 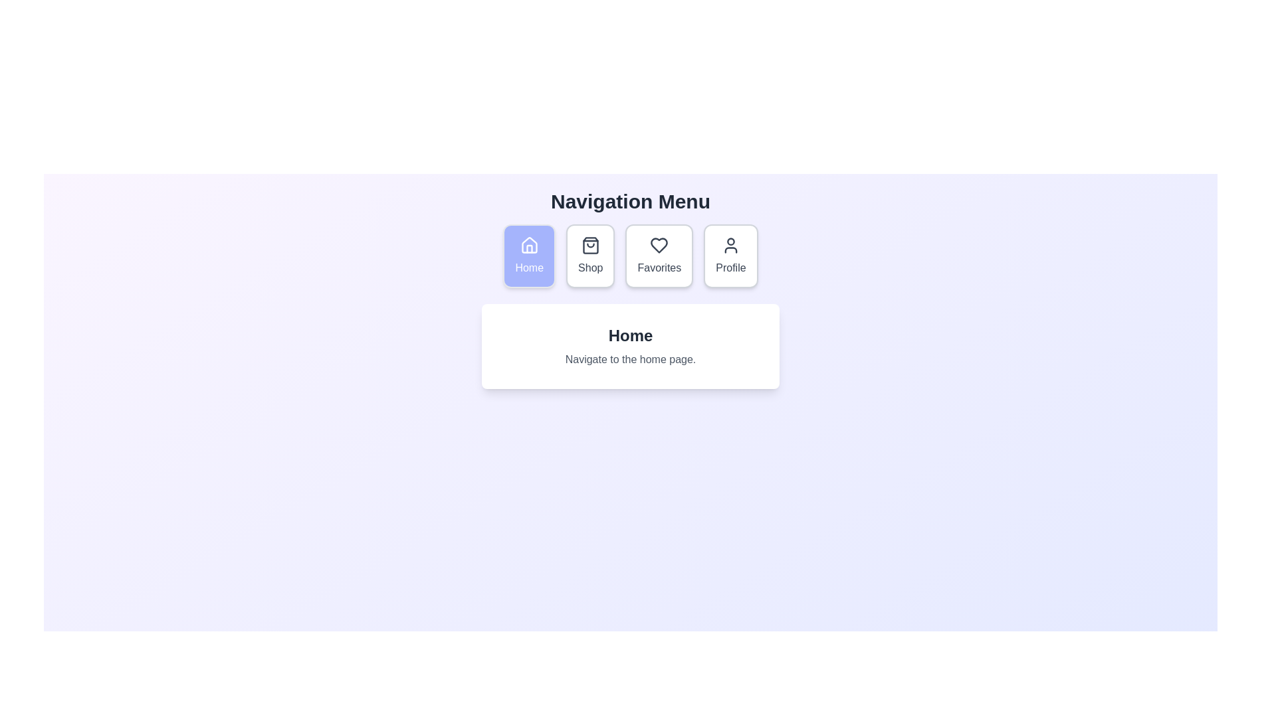 What do you see at coordinates (630, 360) in the screenshot?
I see `the descriptive text element located in a light-colored, rounded rectangle box, positioned below the bold 'Home' text` at bounding box center [630, 360].